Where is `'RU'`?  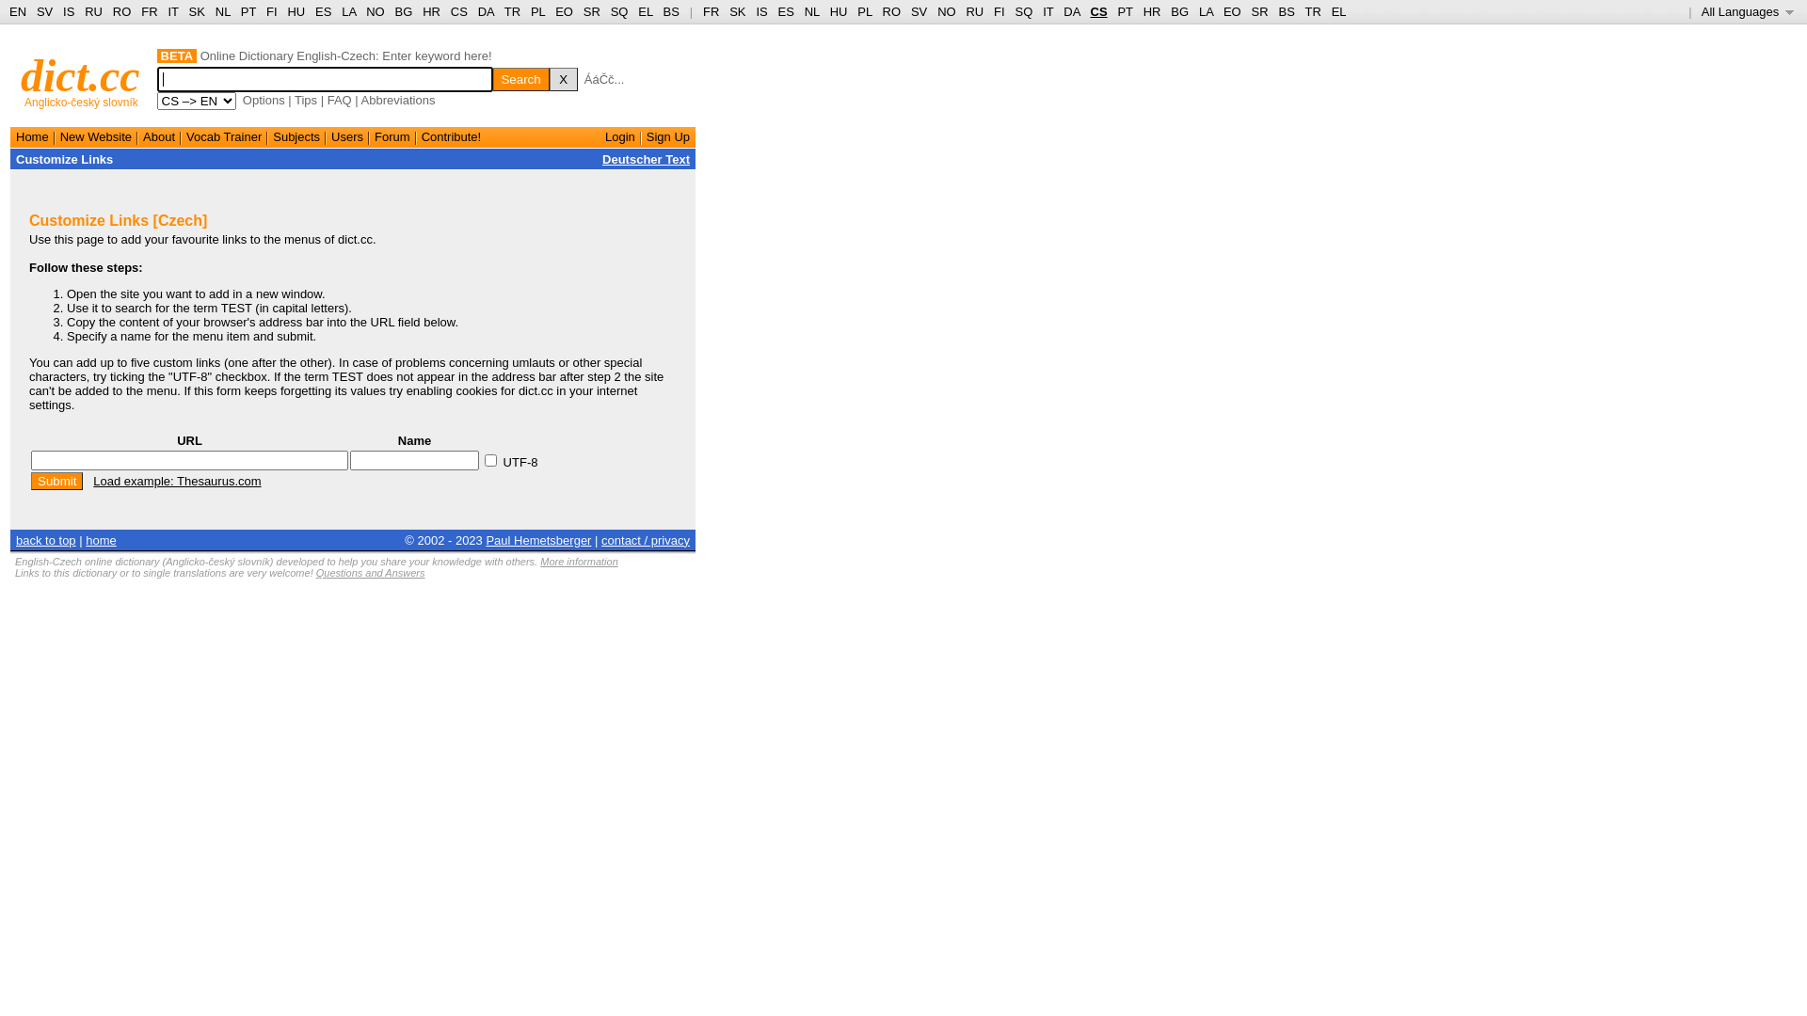
'RU' is located at coordinates (966, 11).